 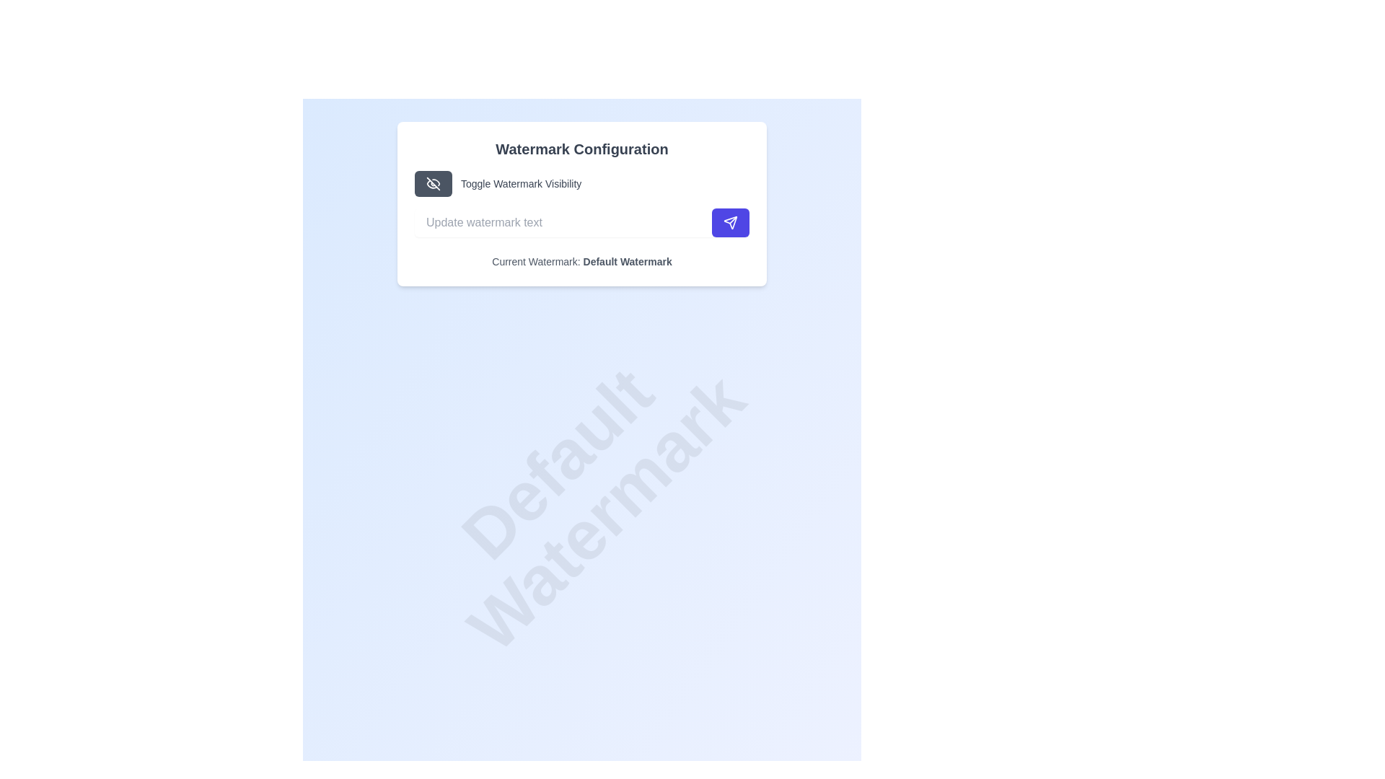 I want to click on the static text label displaying 'Default Watermark', which is part of the 'Current Watermark: Default Watermark' line located at the bottom of the 'Watermark Configuration' card, so click(x=628, y=261).